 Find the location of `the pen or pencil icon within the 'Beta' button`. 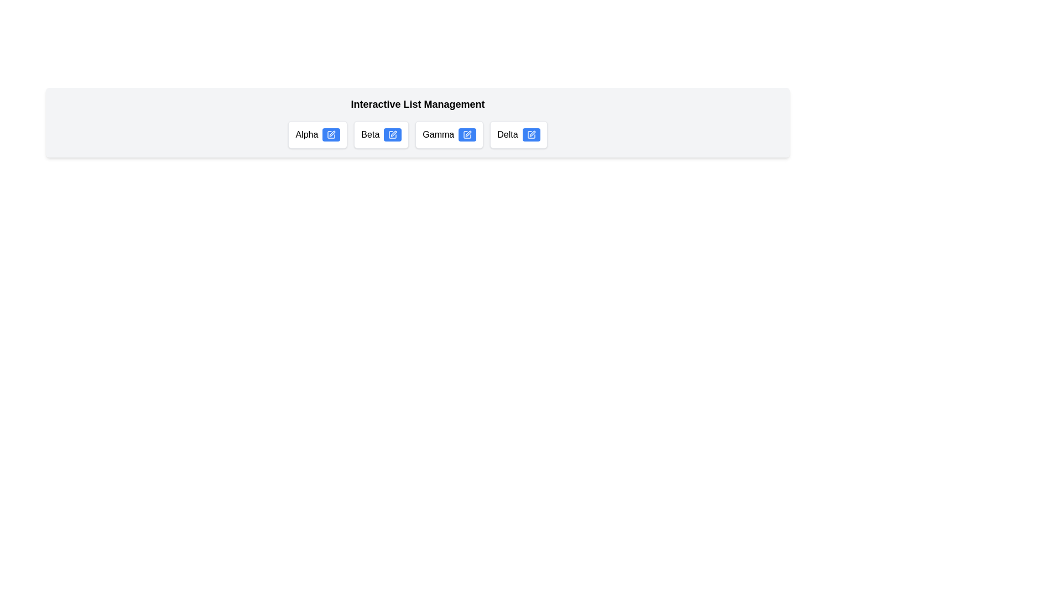

the pen or pencil icon within the 'Beta' button is located at coordinates (393, 134).